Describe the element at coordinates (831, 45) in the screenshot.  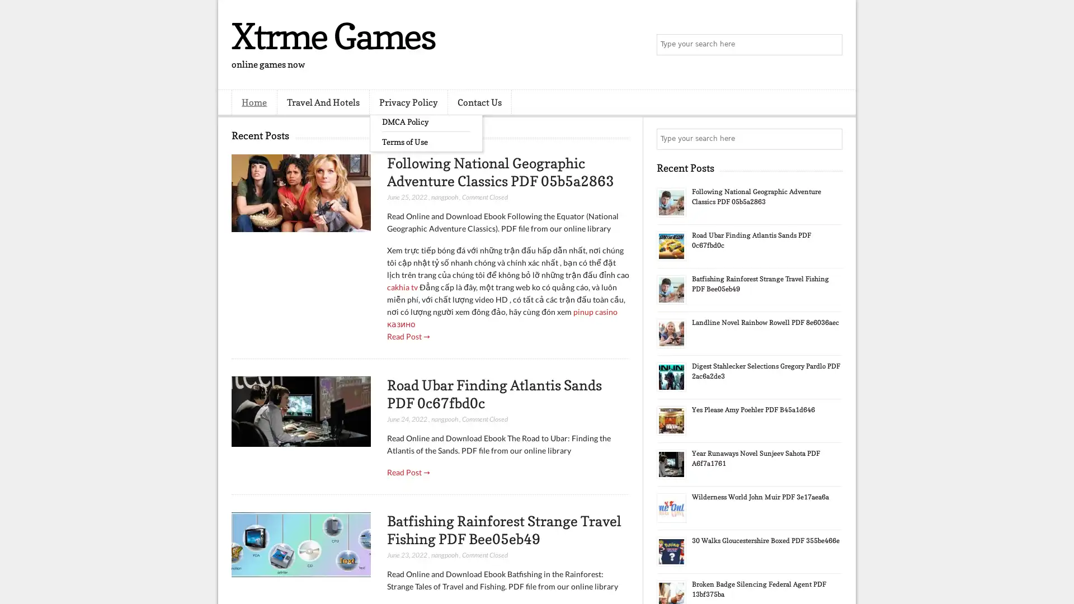
I see `Search` at that location.